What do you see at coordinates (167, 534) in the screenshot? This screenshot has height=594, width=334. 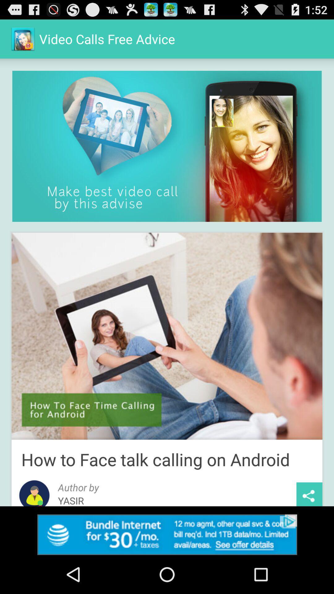 I see `advertisements website` at bounding box center [167, 534].